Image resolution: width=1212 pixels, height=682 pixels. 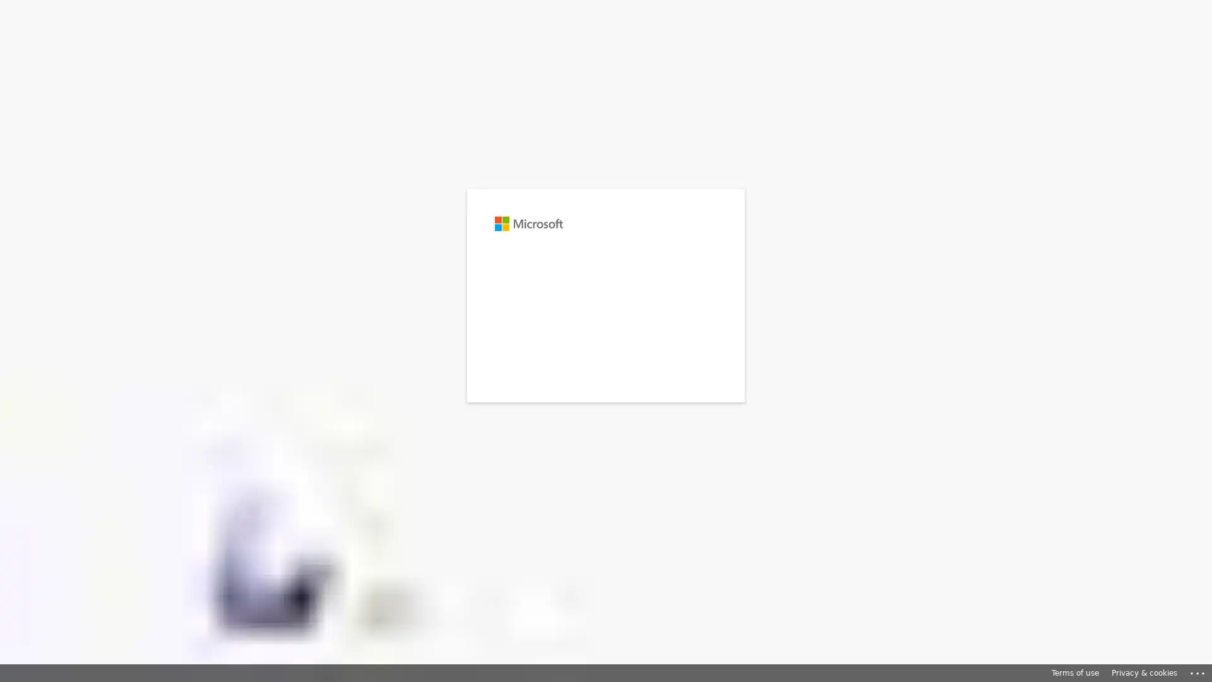 What do you see at coordinates (1197, 671) in the screenshot?
I see `Click here for troubleshooting information` at bounding box center [1197, 671].